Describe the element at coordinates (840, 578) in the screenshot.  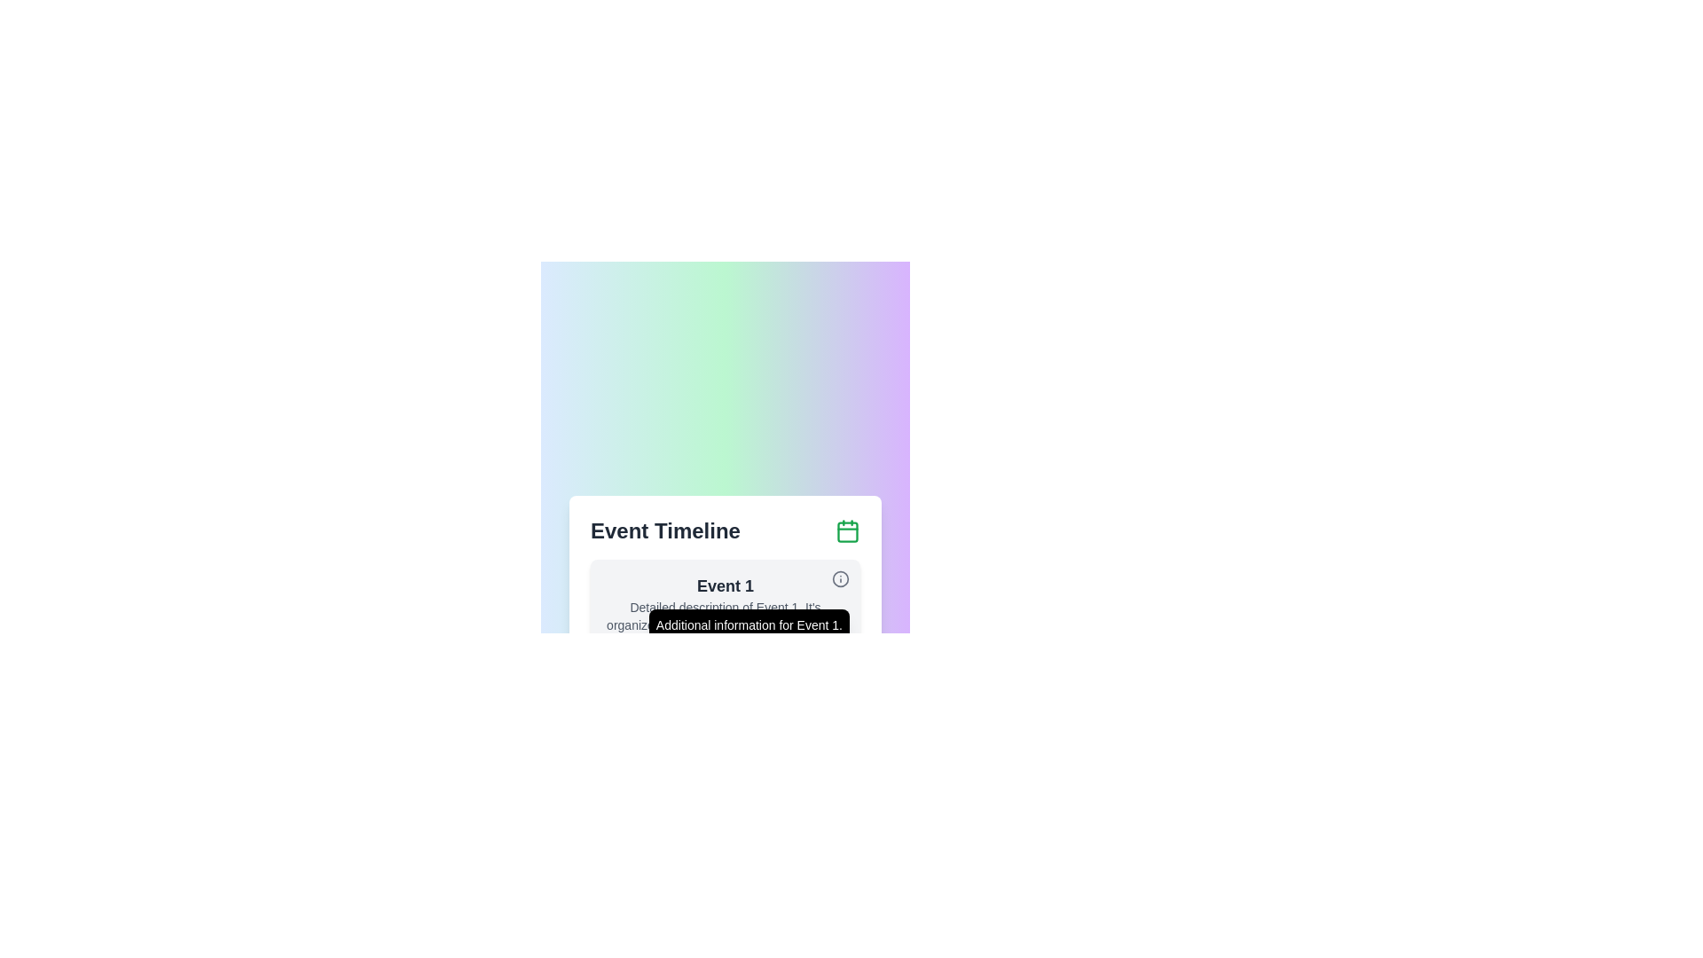
I see `the SVG circle element that forms the outer boundary of the 'info' icon located at the top-right corner of the 'Event 1' card in the 'Event Timeline' pane` at that location.